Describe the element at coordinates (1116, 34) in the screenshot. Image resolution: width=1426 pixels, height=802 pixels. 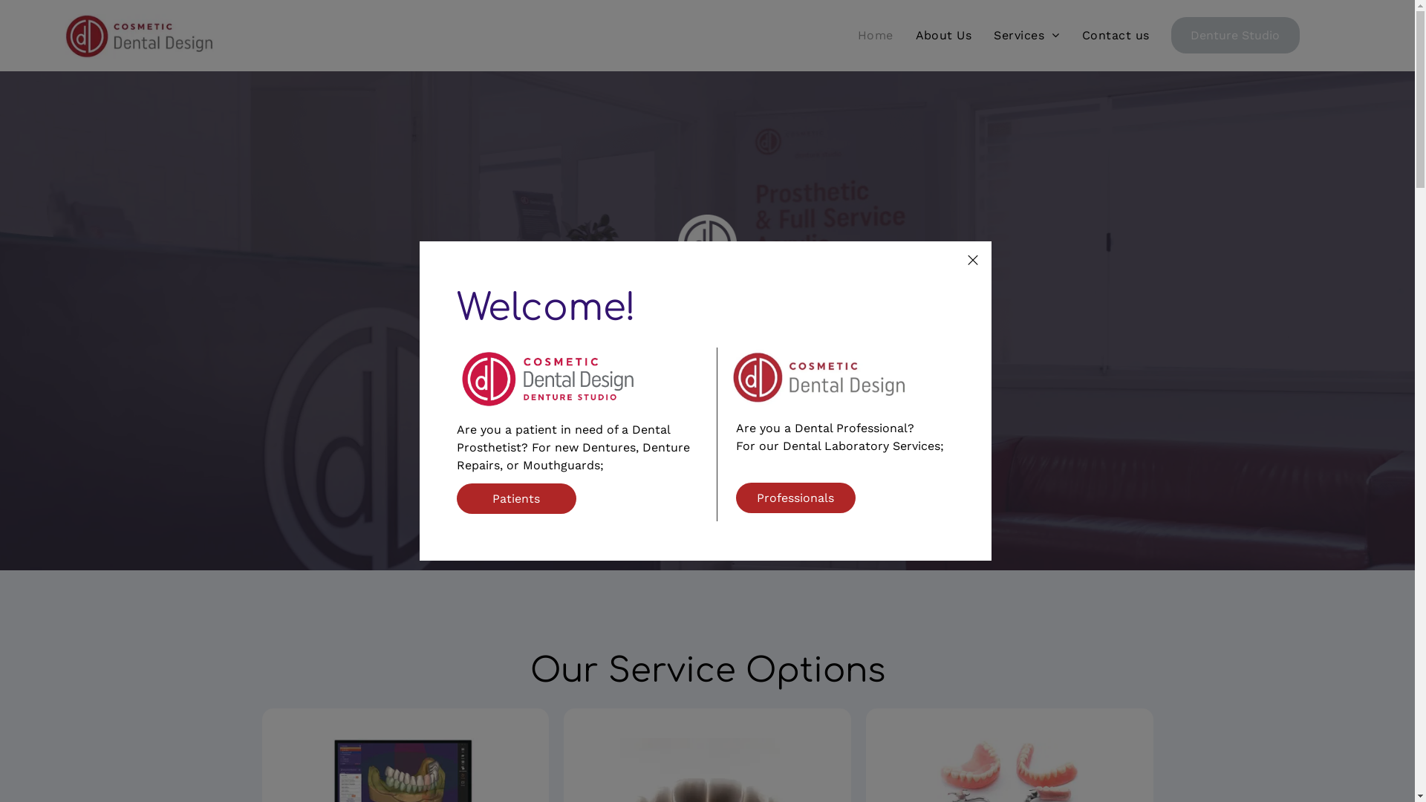
I see `'Contact us'` at that location.